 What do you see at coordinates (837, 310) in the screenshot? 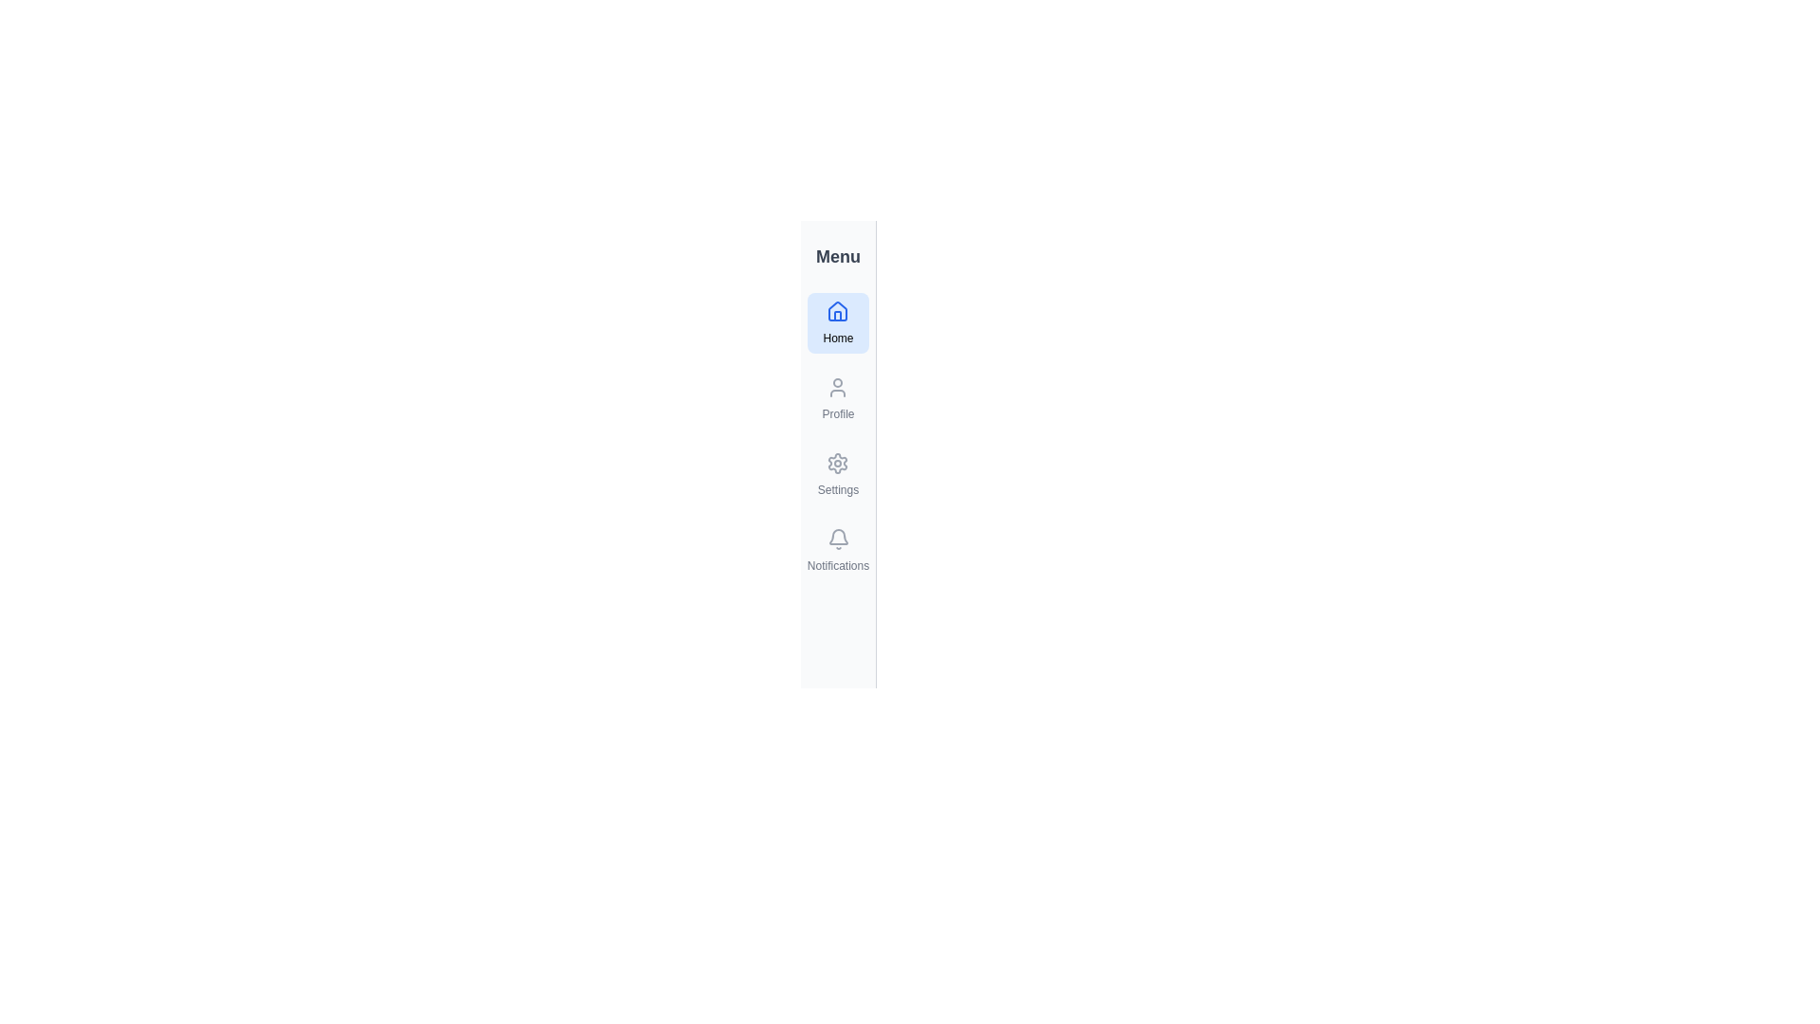
I see `the house outline icon located in the vertical navigation panel` at bounding box center [837, 310].